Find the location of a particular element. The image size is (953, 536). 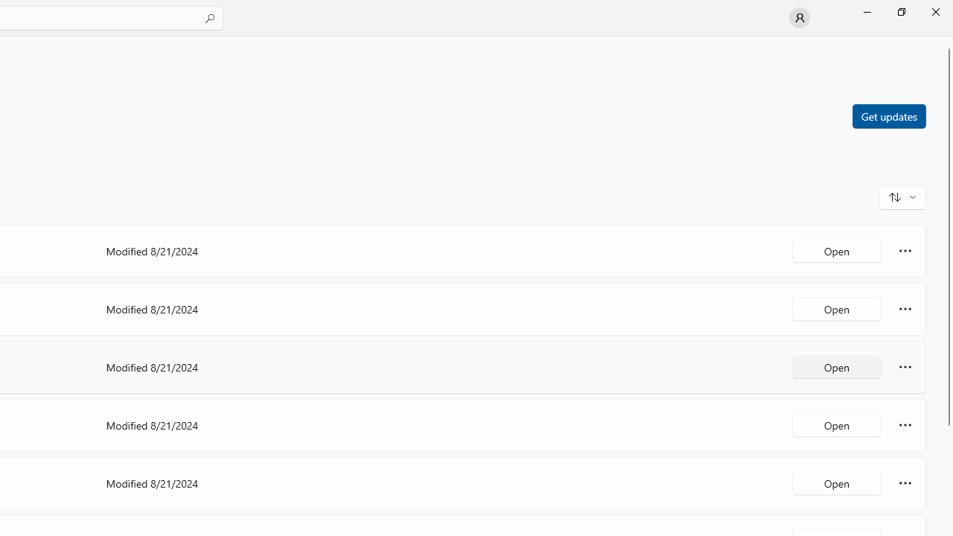

'Restore Microsoft Store' is located at coordinates (900, 11).